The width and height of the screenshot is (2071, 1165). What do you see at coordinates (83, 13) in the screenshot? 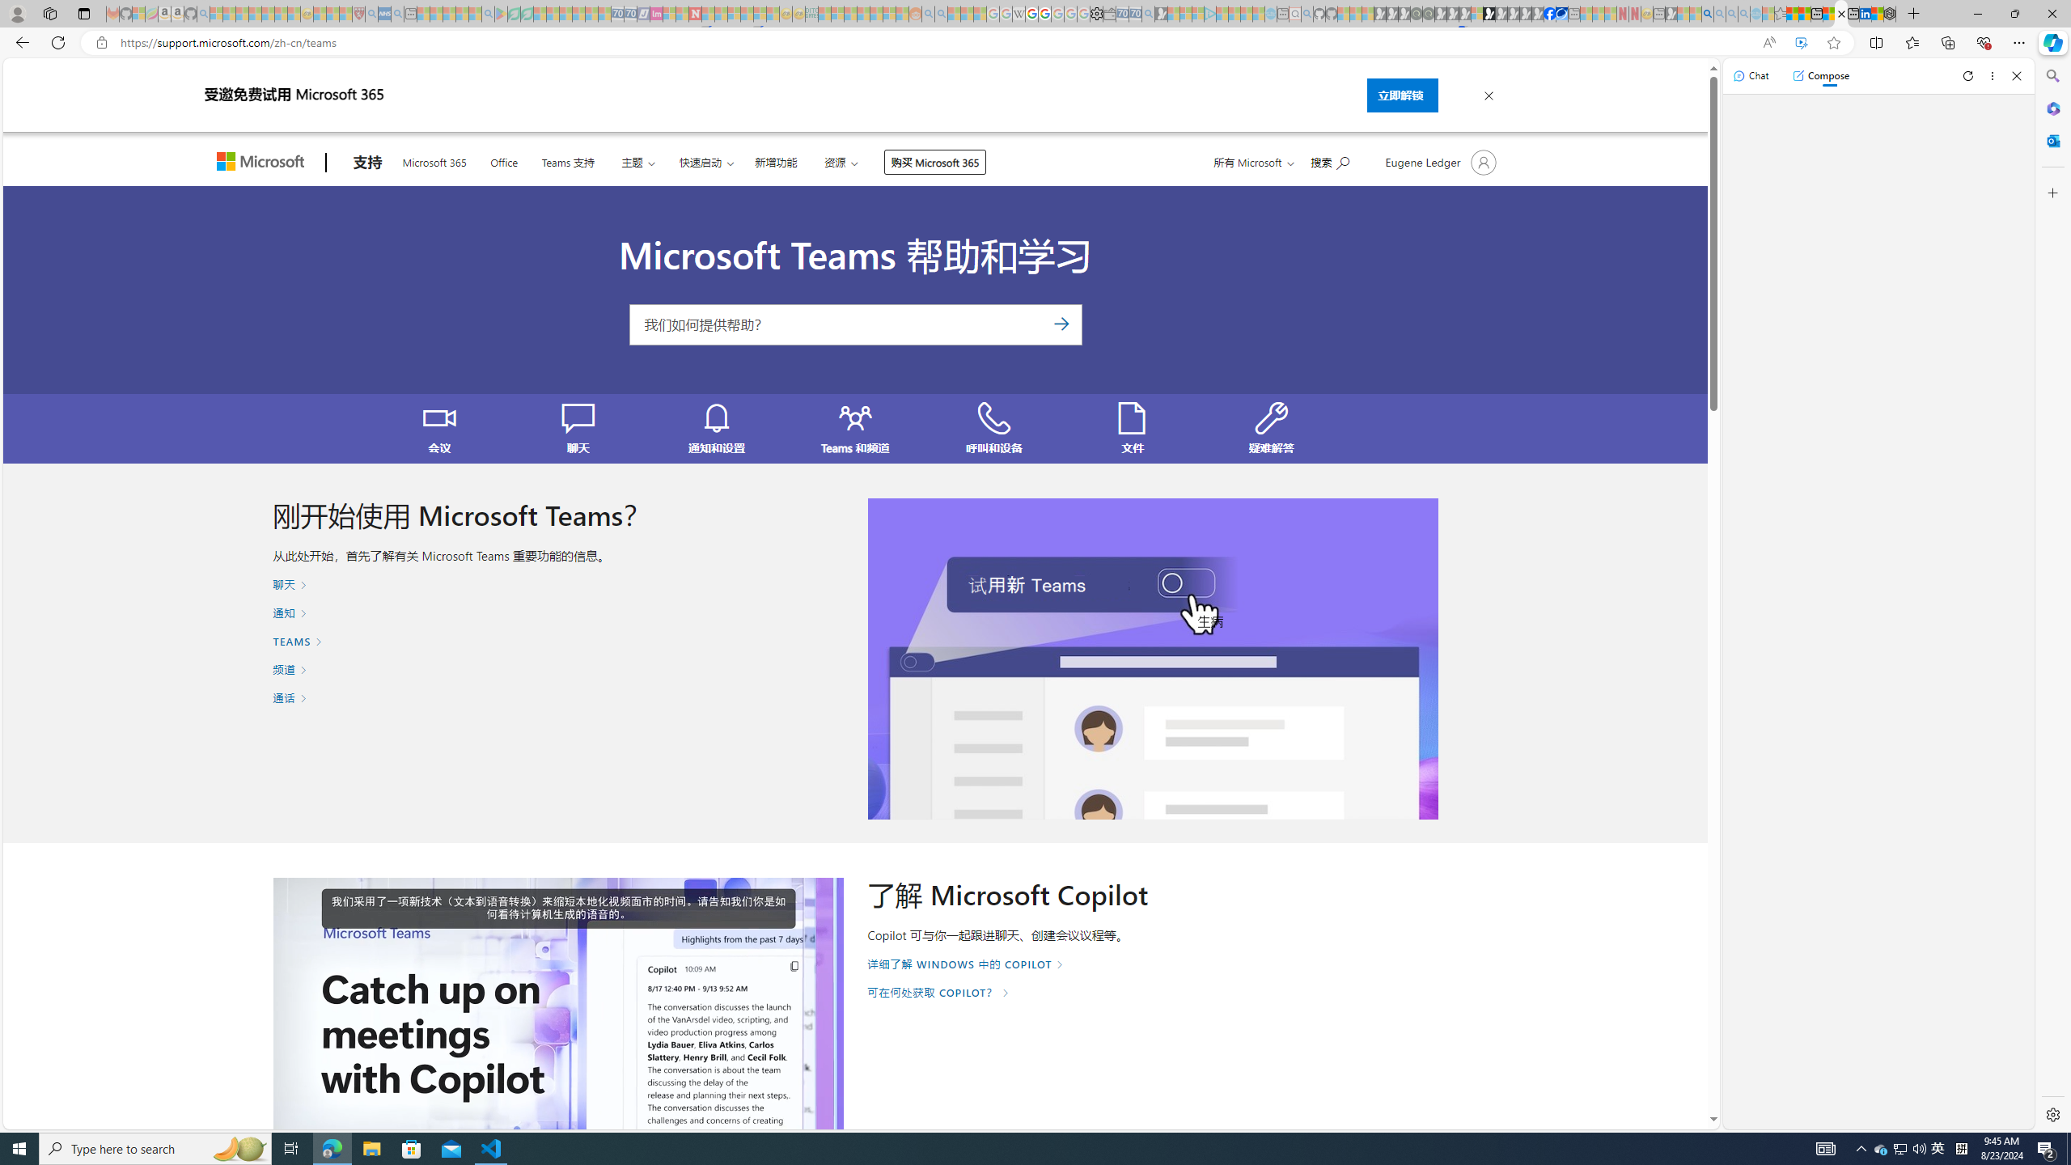
I see `'Tab actions menu'` at bounding box center [83, 13].